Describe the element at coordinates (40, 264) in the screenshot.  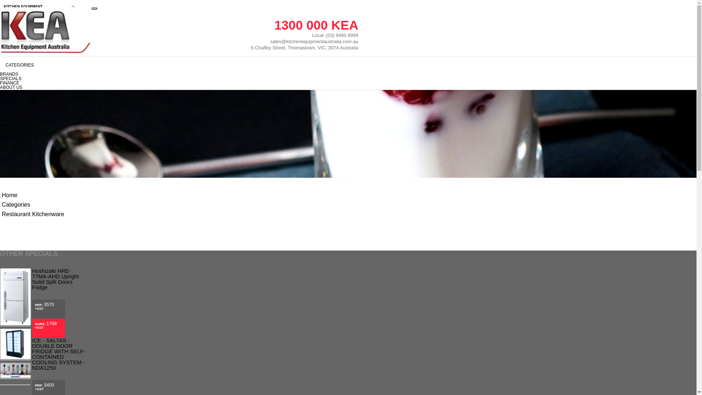
I see `'PROMOTIONS'` at that location.